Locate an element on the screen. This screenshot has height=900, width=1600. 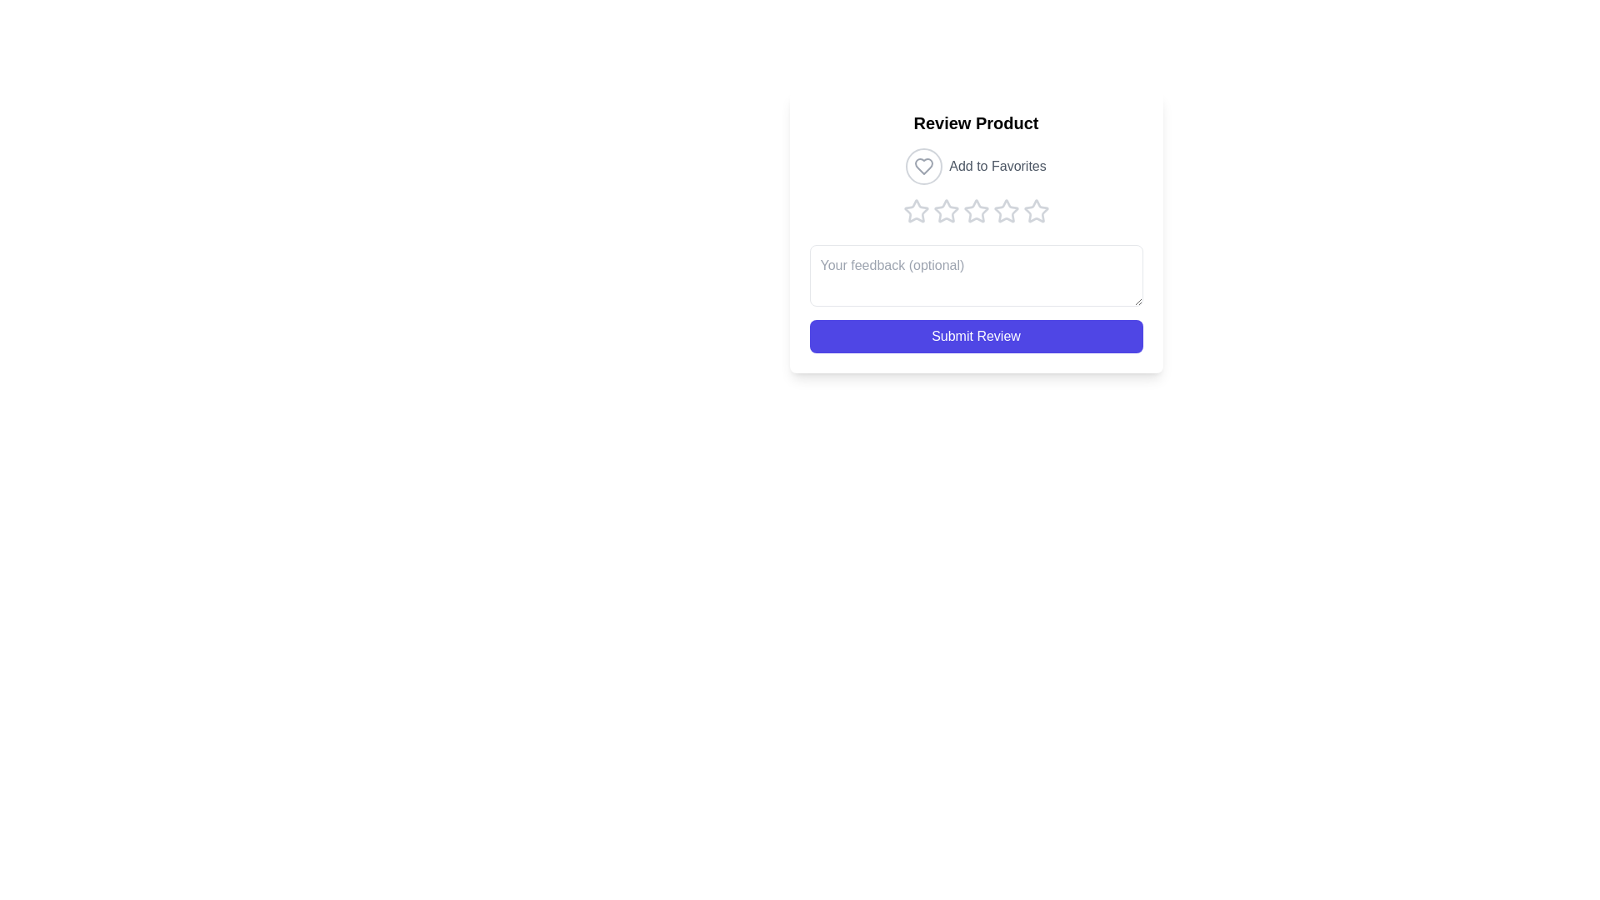
the text label that describes the functionality of marking an item as a favorite, which is positioned to the right of a heart icon near the top of the interface is located at coordinates (997, 167).